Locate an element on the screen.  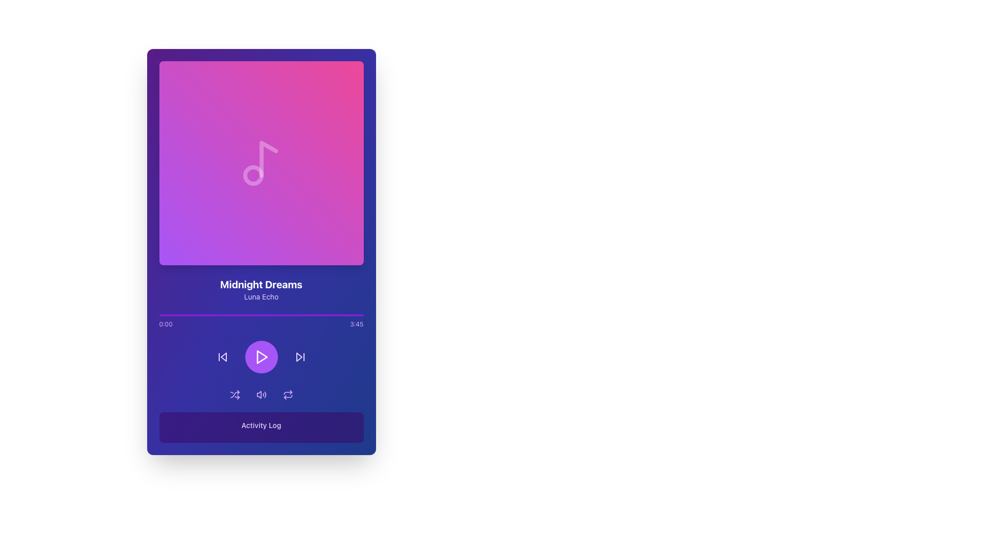
the square component with a gradient background transitioning from purple to pink tones, featuring a centered semi-transparent white music note icon is located at coordinates (261, 163).